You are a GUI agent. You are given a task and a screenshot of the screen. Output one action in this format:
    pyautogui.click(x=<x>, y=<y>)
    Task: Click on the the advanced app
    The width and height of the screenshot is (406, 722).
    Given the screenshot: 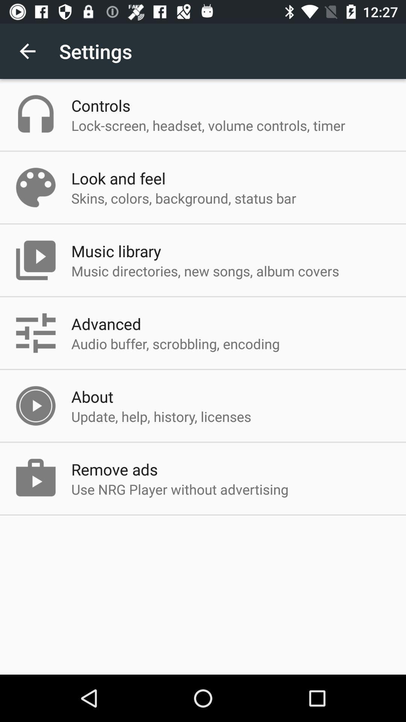 What is the action you would take?
    pyautogui.click(x=106, y=323)
    